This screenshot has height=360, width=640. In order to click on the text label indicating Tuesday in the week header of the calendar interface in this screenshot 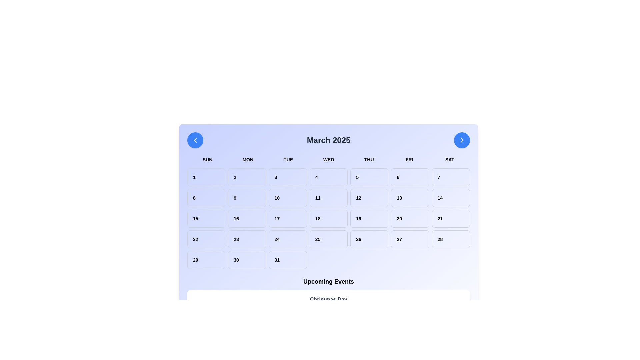, I will do `click(288, 159)`.